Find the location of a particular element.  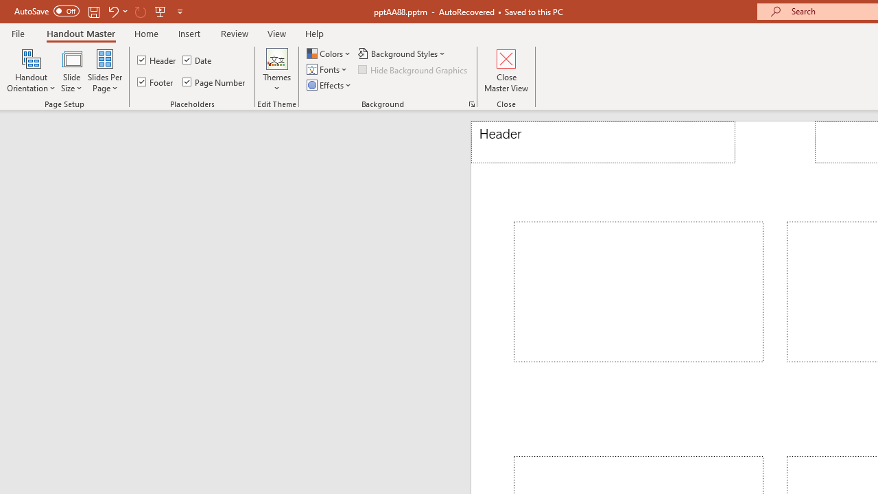

'Handout Orientation' is located at coordinates (32, 71).